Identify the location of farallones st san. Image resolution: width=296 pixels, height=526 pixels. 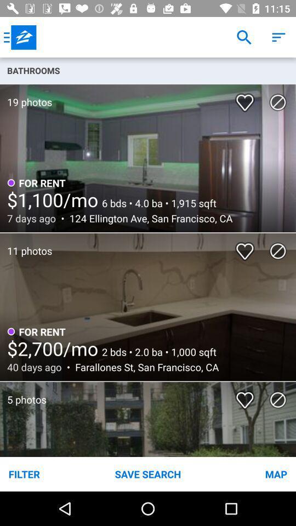
(144, 367).